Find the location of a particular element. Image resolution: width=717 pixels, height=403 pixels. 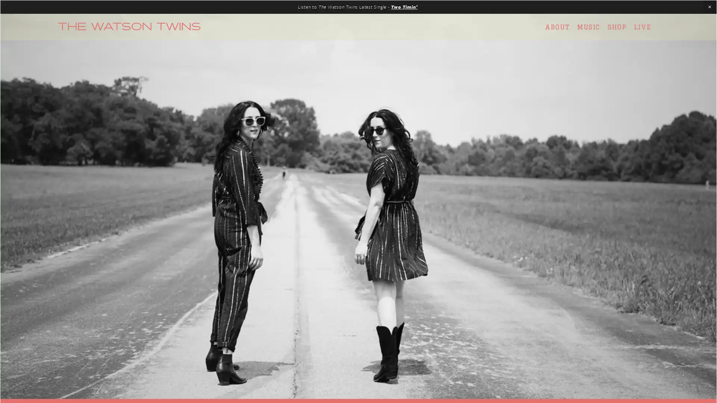

Close Announcement is located at coordinates (709, 7).